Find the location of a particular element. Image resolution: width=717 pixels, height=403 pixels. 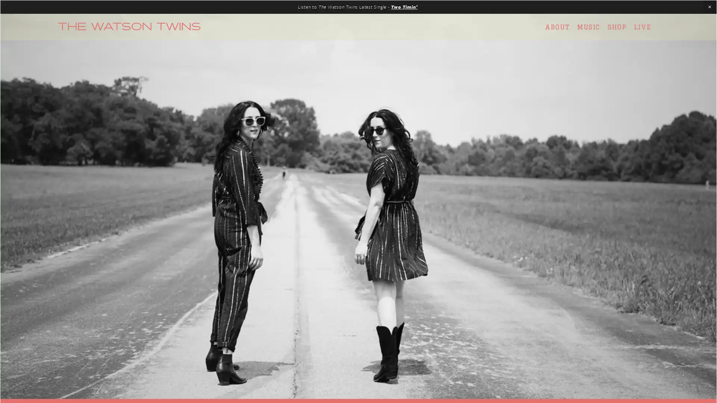

Close Announcement is located at coordinates (709, 7).